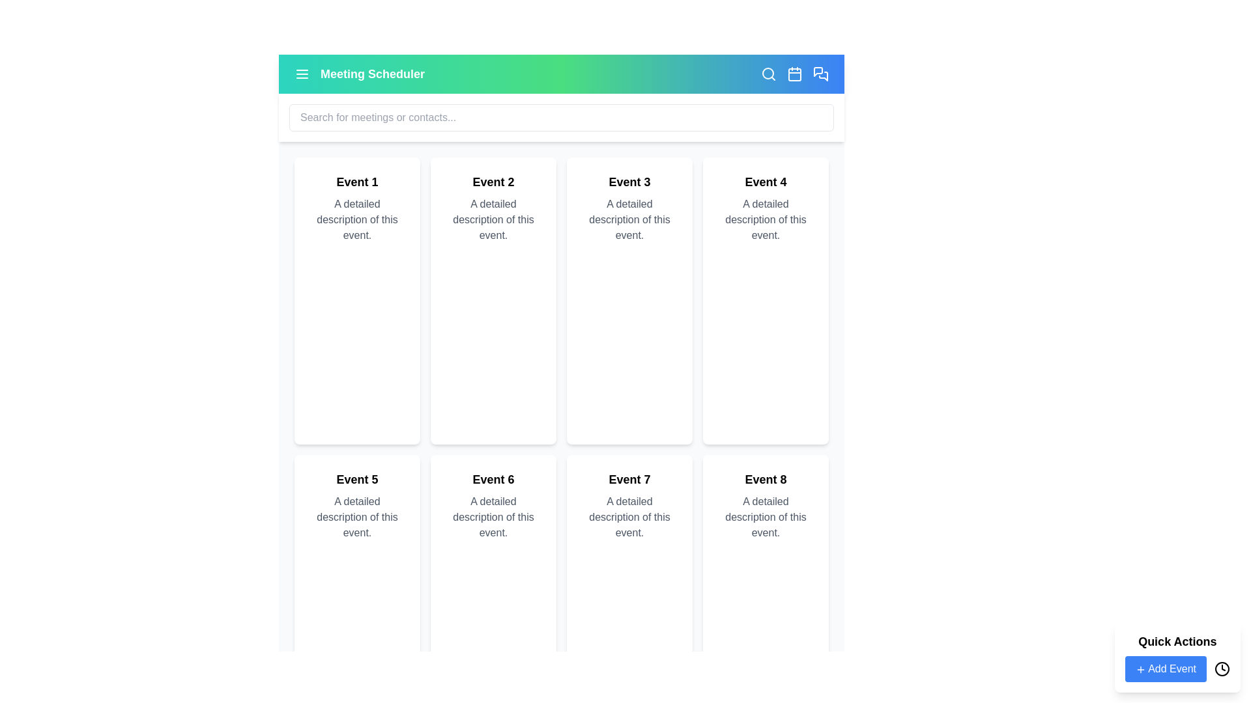  I want to click on title label of the event card located in the second row and third column of the grid layout, positioned above the descriptive paragraph, so click(493, 479).